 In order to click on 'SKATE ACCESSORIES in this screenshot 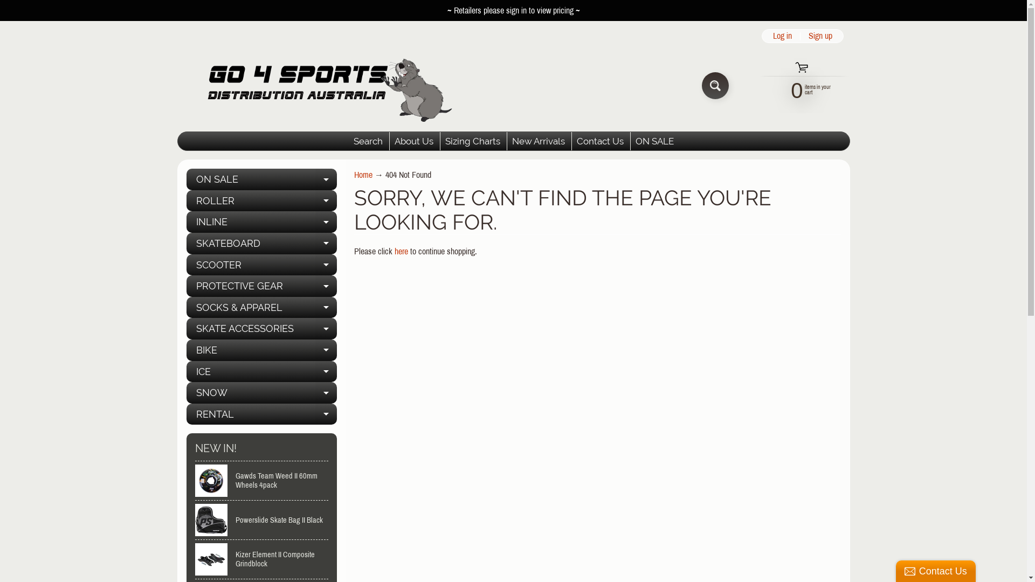, I will do `click(261, 328)`.